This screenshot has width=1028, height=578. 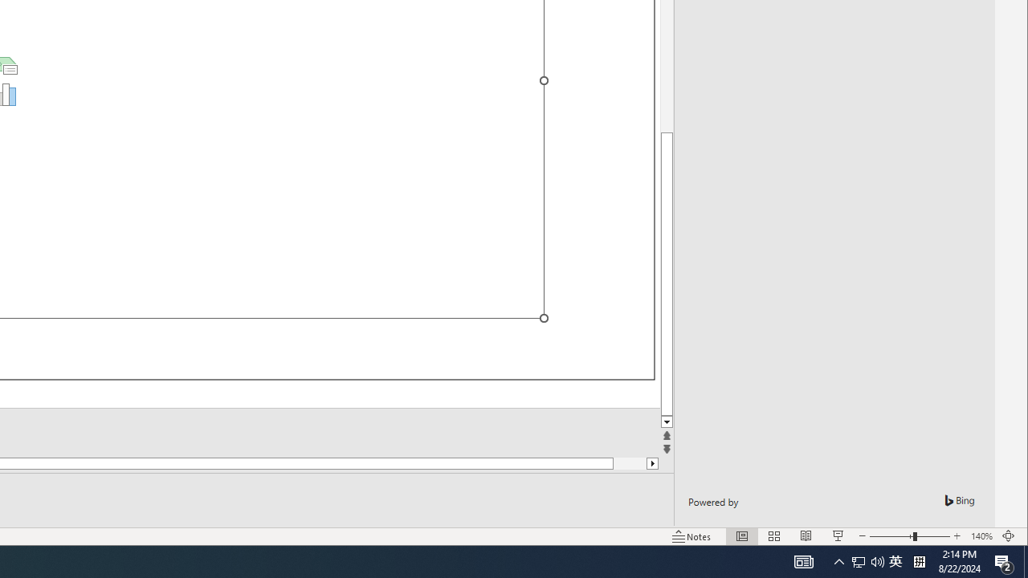 I want to click on 'Notification Chevron', so click(x=838, y=560).